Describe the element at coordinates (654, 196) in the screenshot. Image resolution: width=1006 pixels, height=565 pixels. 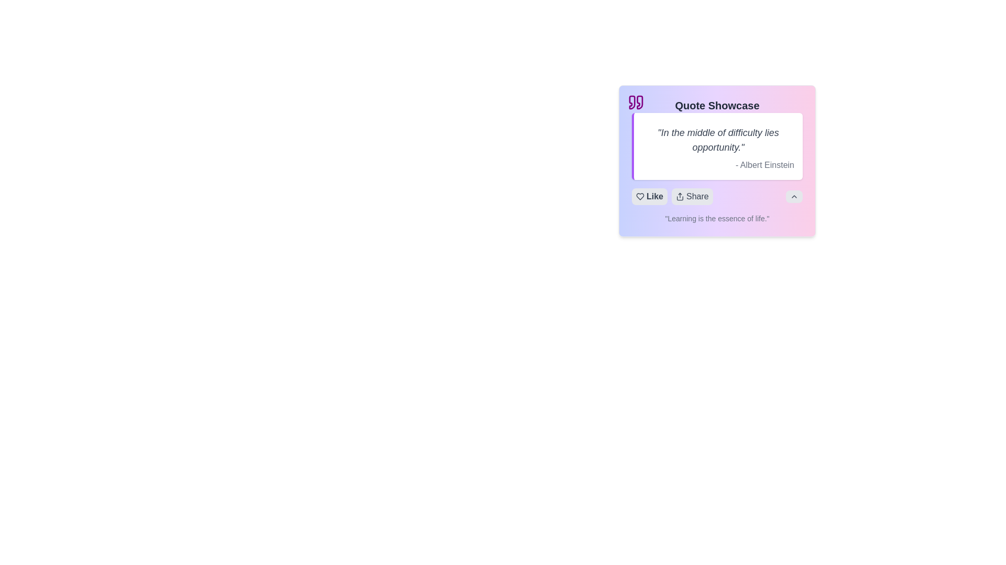
I see `text of the 'Like' label, which is styled in bold gray font and located to the right of the heart icon in the bottom-left corner of the card` at that location.